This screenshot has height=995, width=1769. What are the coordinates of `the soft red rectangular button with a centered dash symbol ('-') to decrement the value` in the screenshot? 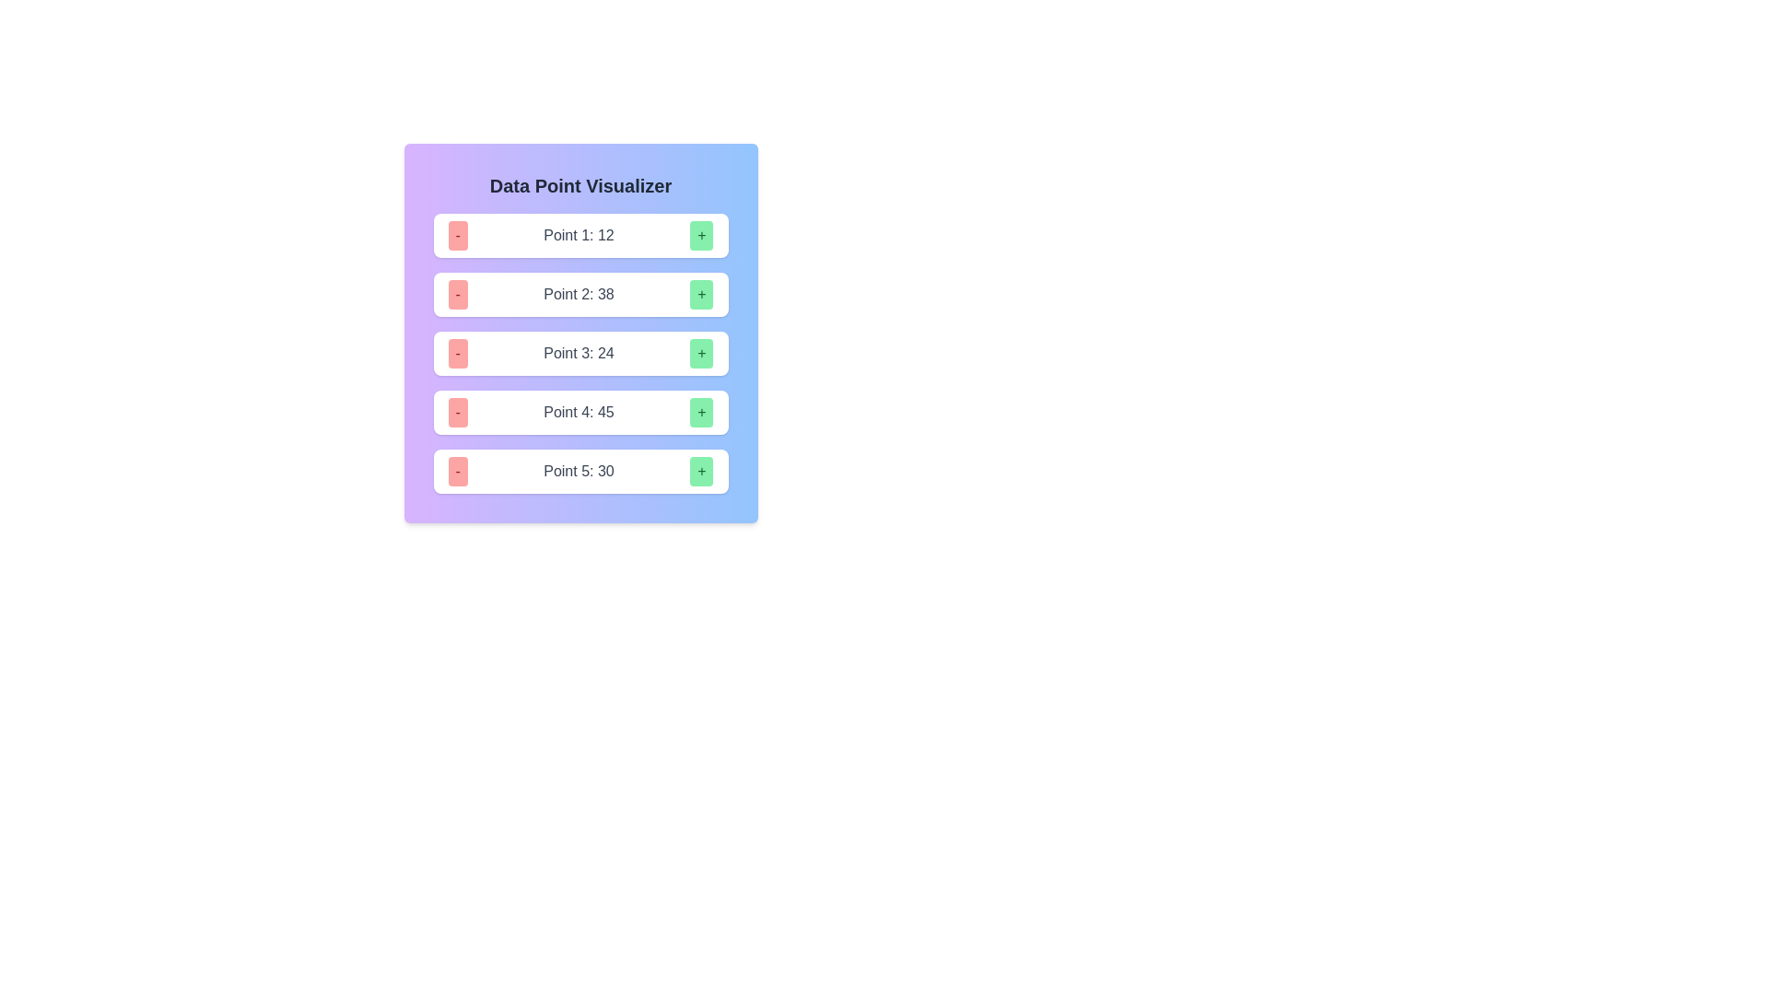 It's located at (458, 234).